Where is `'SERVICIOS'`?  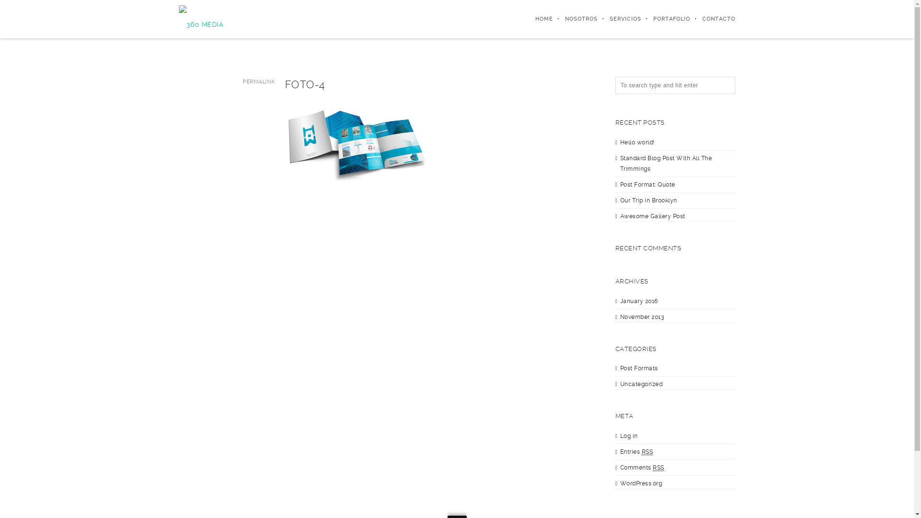
'SERVICIOS' is located at coordinates (619, 19).